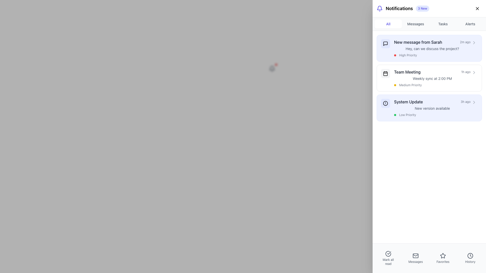  Describe the element at coordinates (432, 49) in the screenshot. I see `the text element that provides additional information about the notification titled 'New message from Sarah', located between the timestamp '2m ago' and the priority indication 'High Priority'` at that location.